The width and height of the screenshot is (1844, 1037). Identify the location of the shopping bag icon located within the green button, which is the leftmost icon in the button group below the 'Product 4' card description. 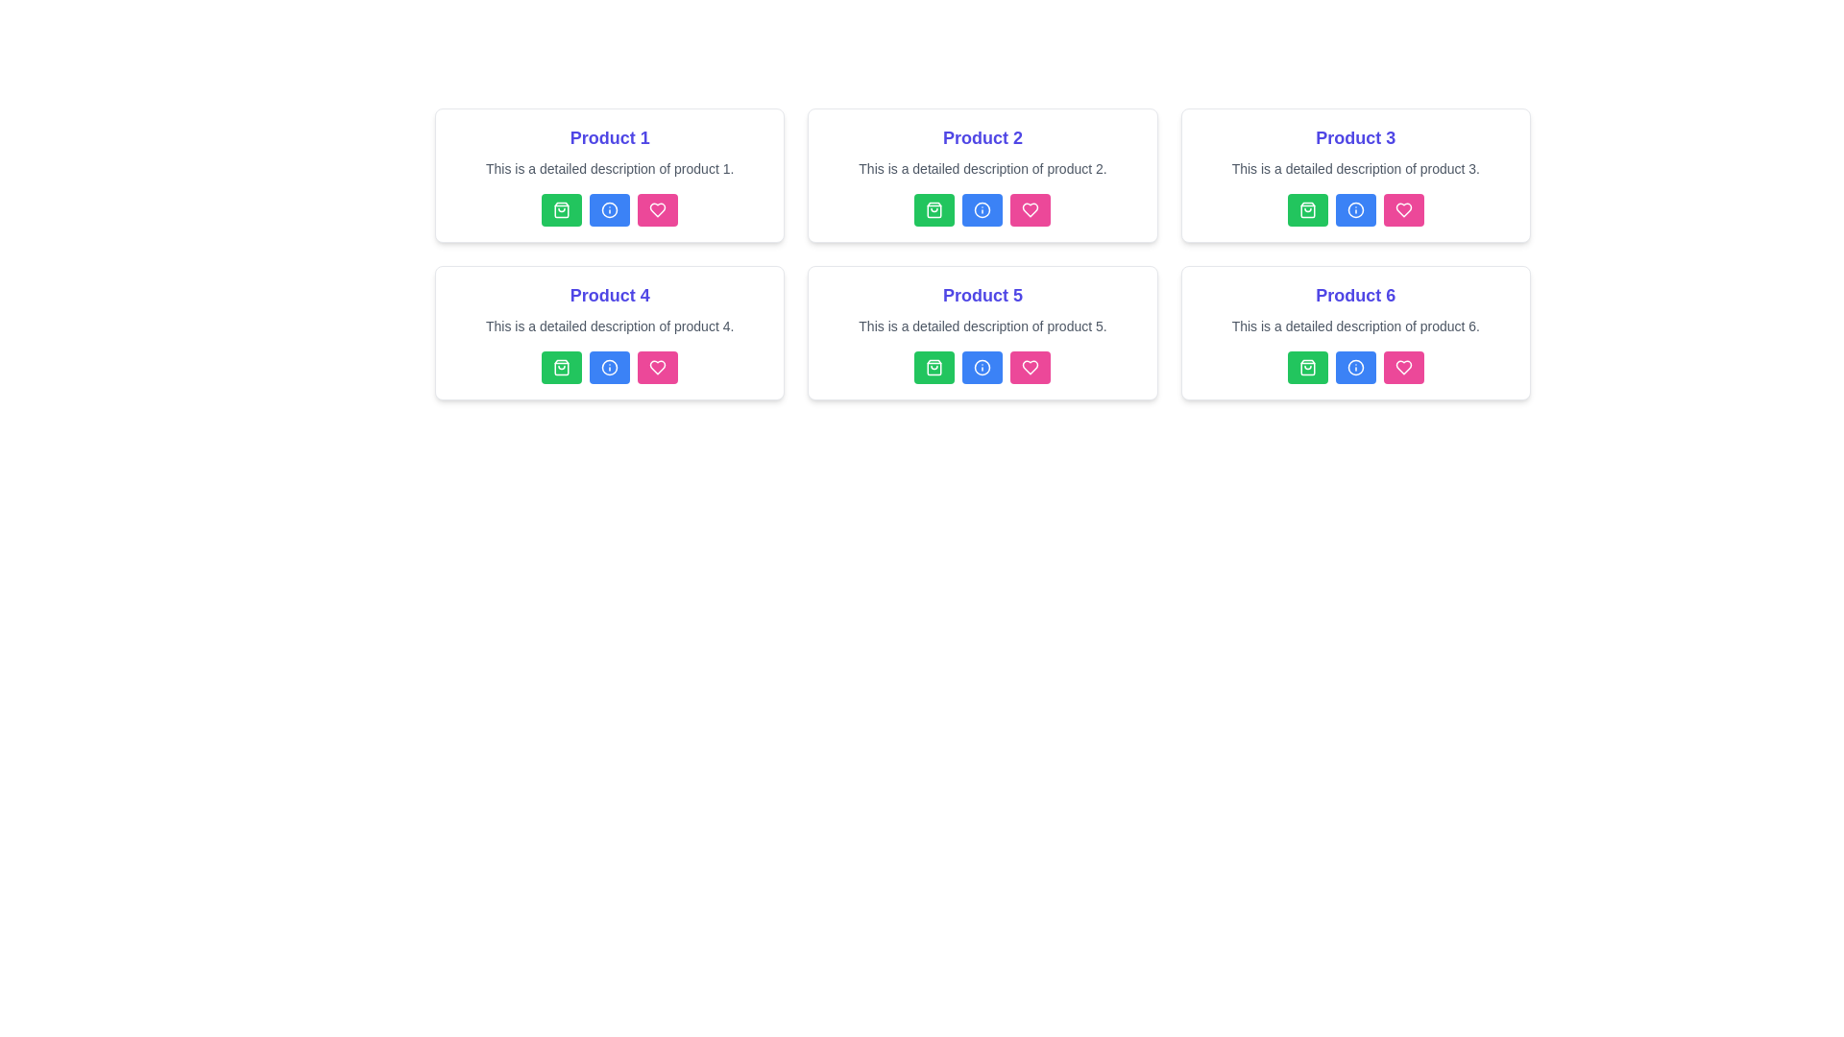
(561, 367).